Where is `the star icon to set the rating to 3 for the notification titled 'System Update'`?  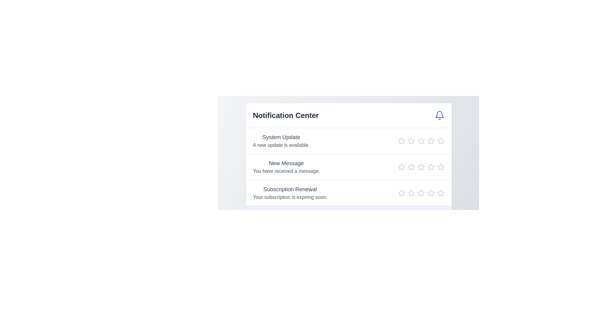 the star icon to set the rating to 3 for the notification titled 'System Update' is located at coordinates (421, 141).